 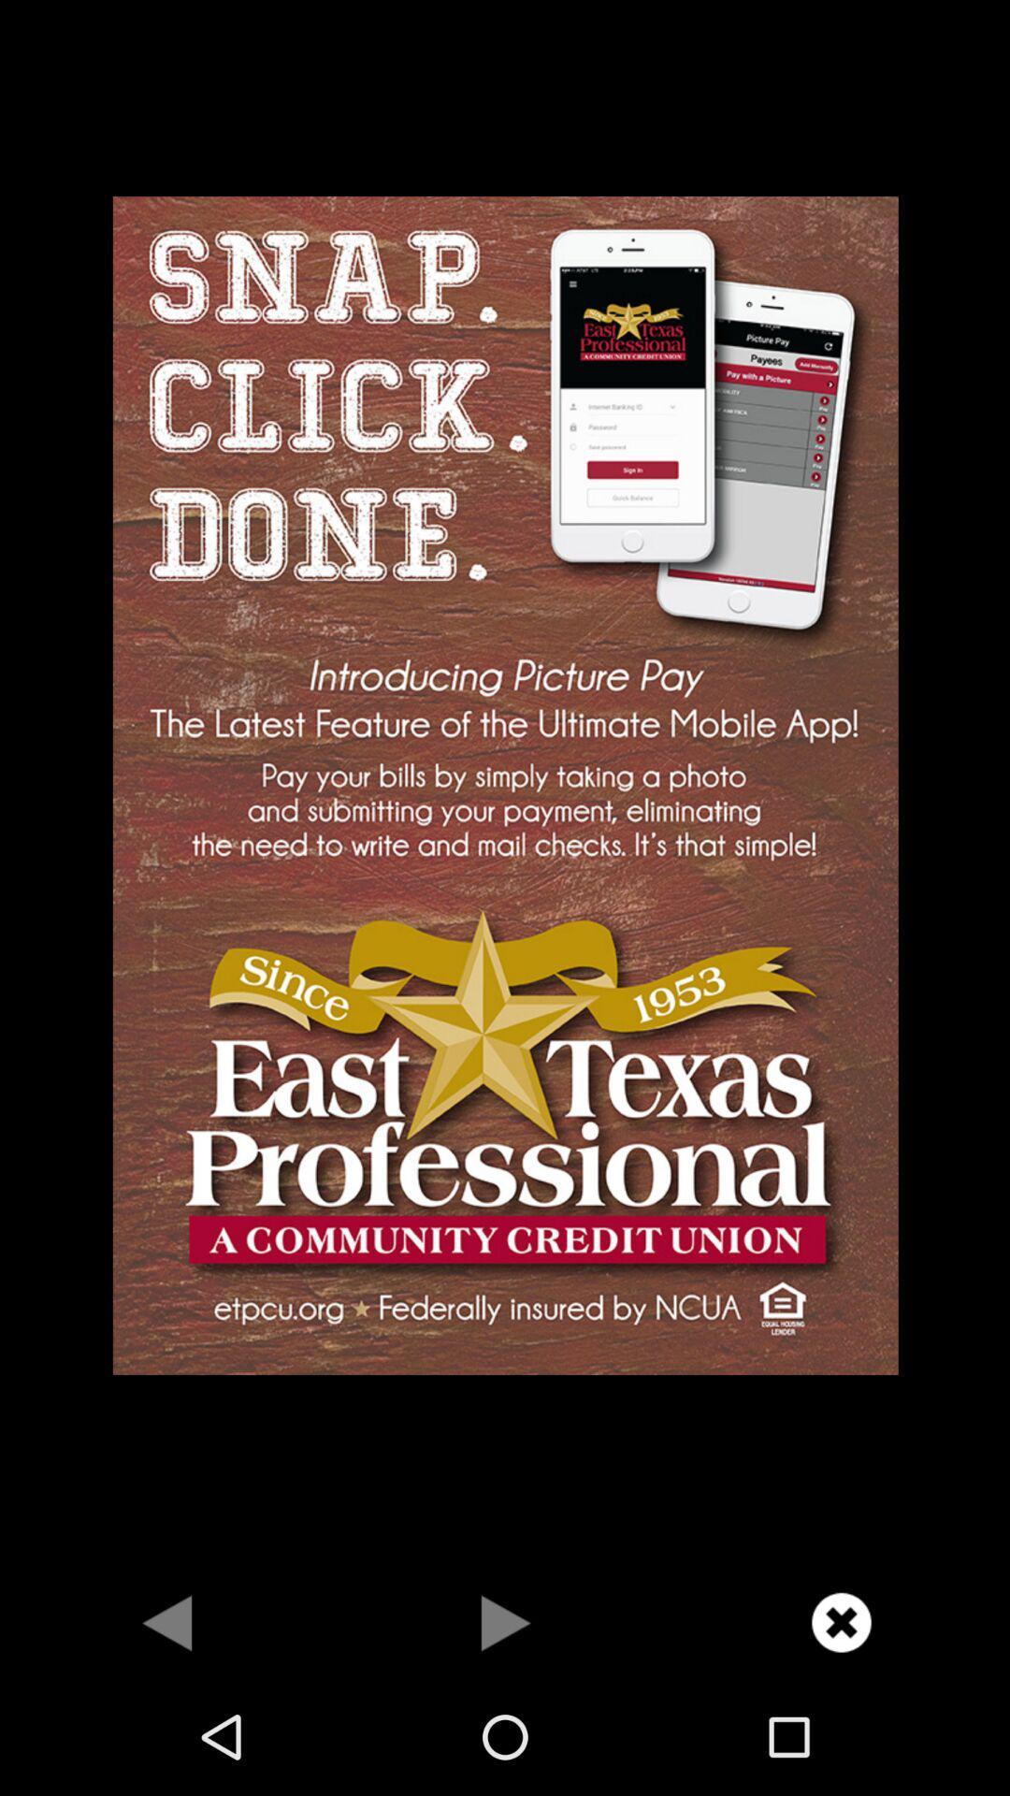 What do you see at coordinates (840, 1621) in the screenshot?
I see `close botten` at bounding box center [840, 1621].